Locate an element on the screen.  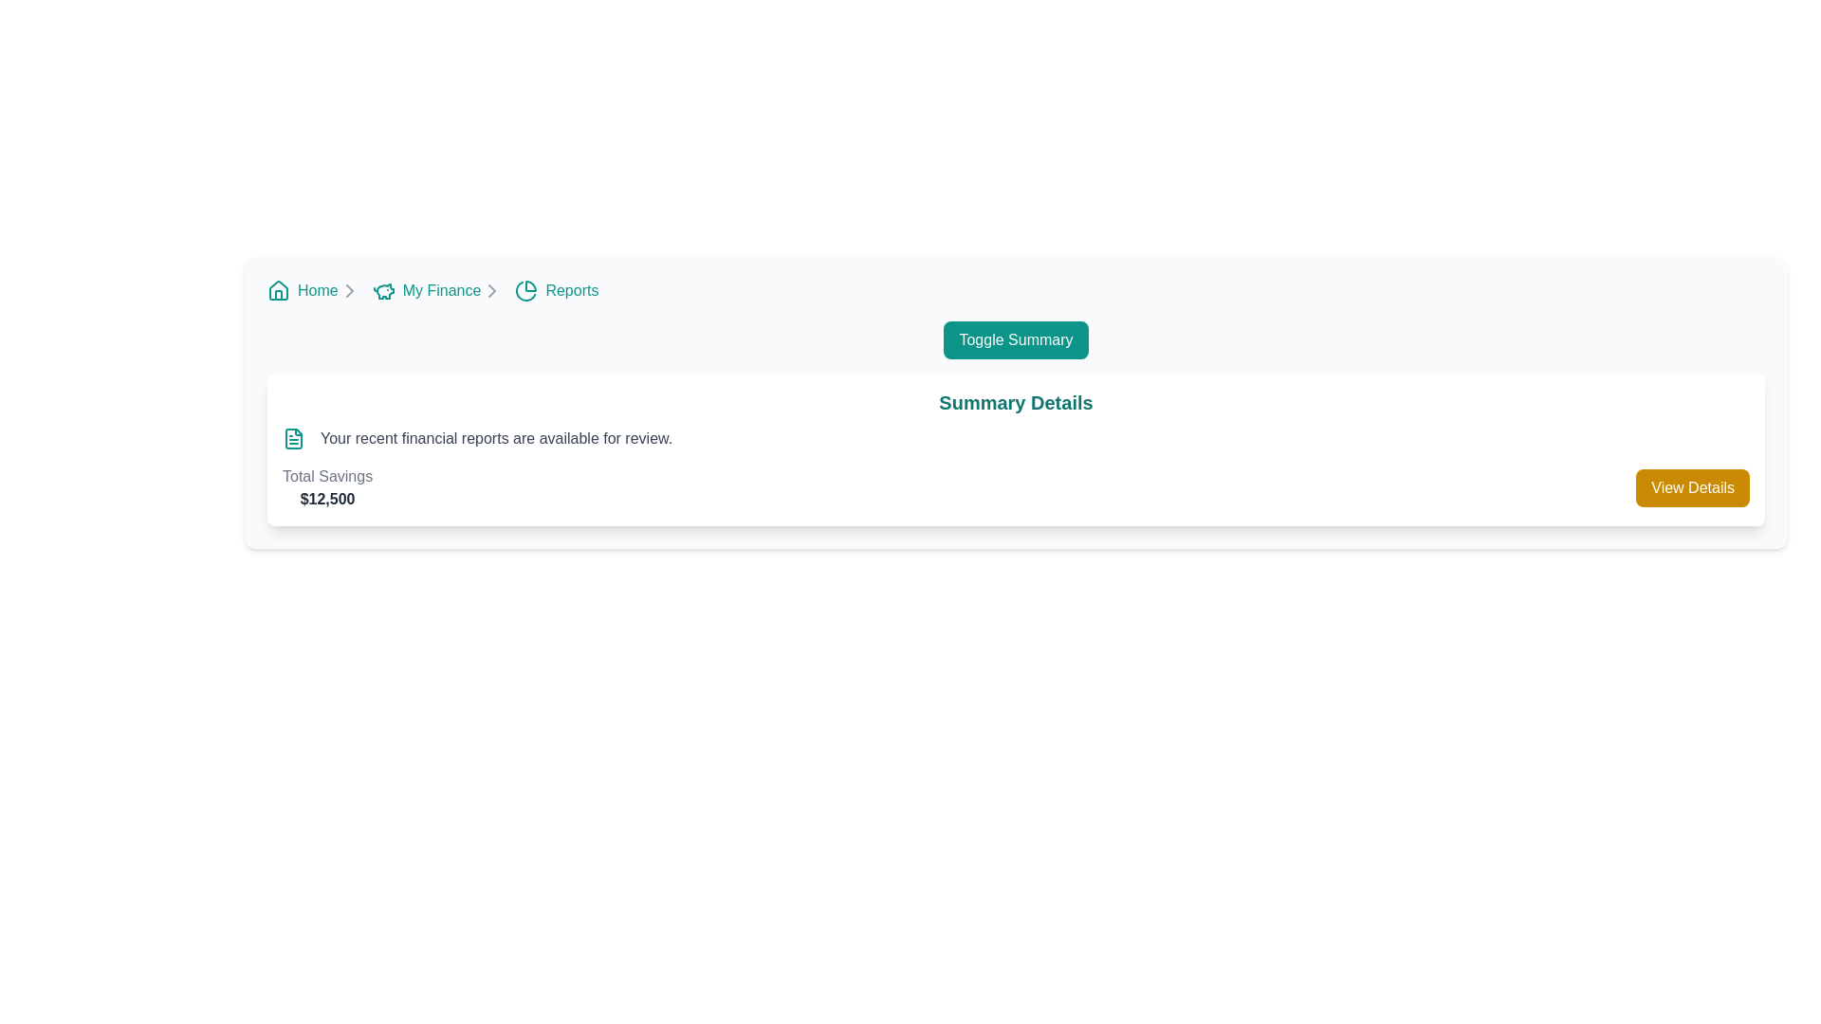
the 'Toggle Summary' button with a teal background and white text to change its background color is located at coordinates (1015, 338).